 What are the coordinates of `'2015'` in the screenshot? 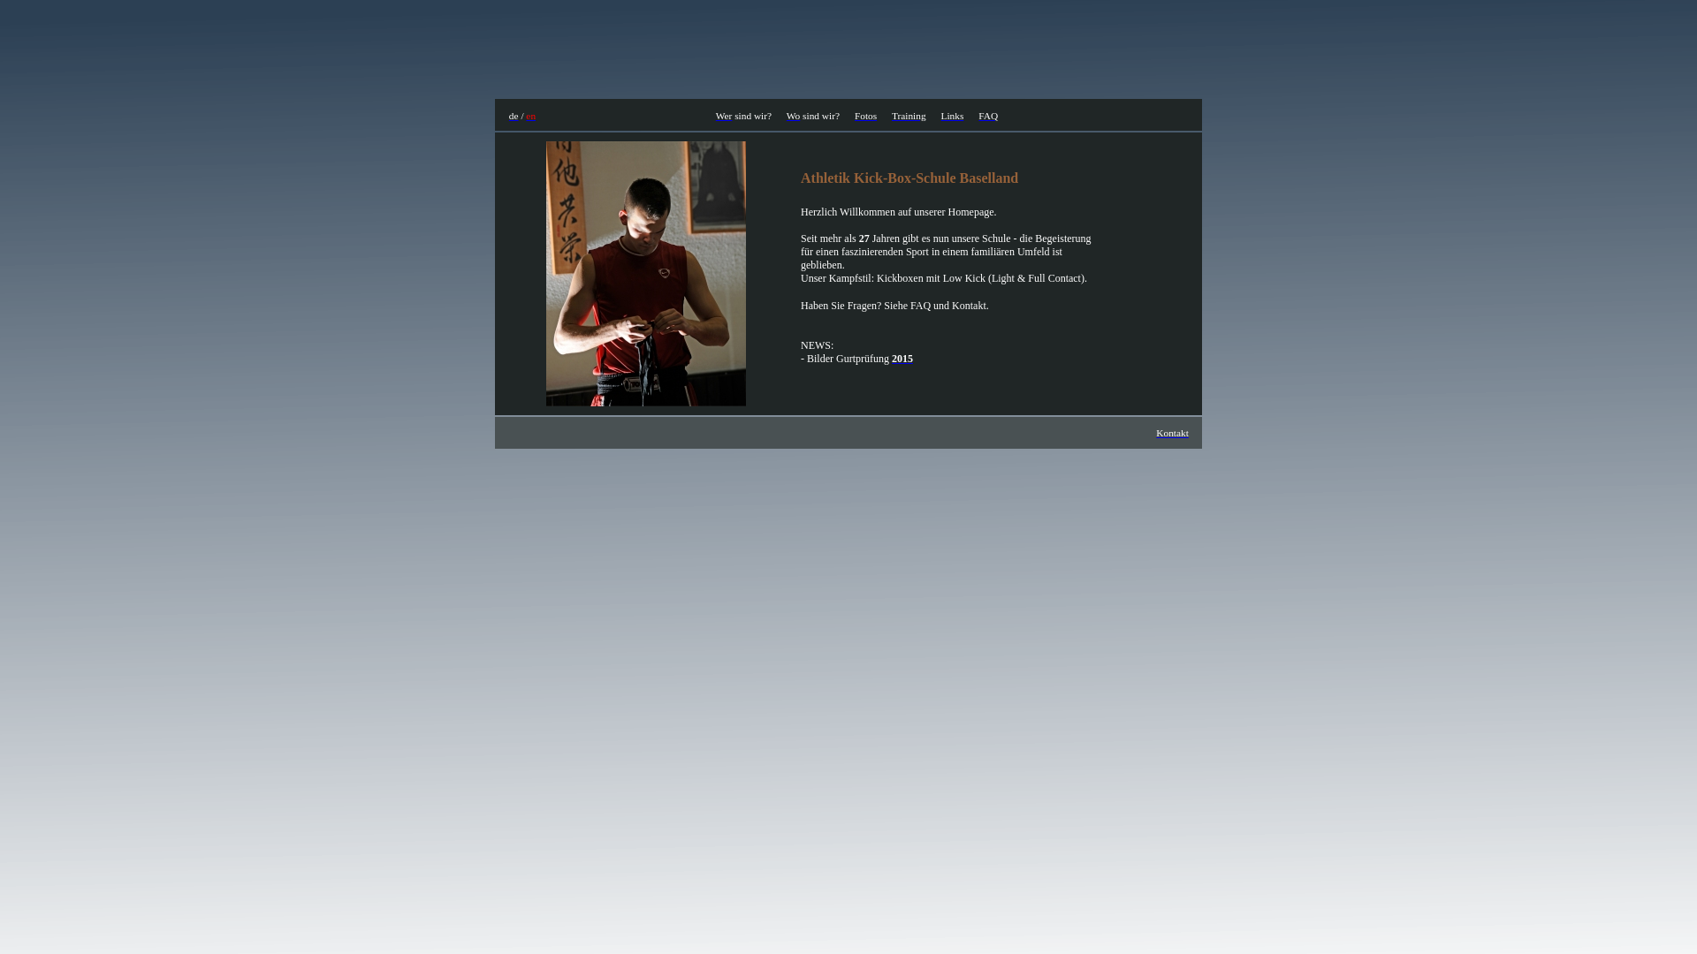 It's located at (902, 358).